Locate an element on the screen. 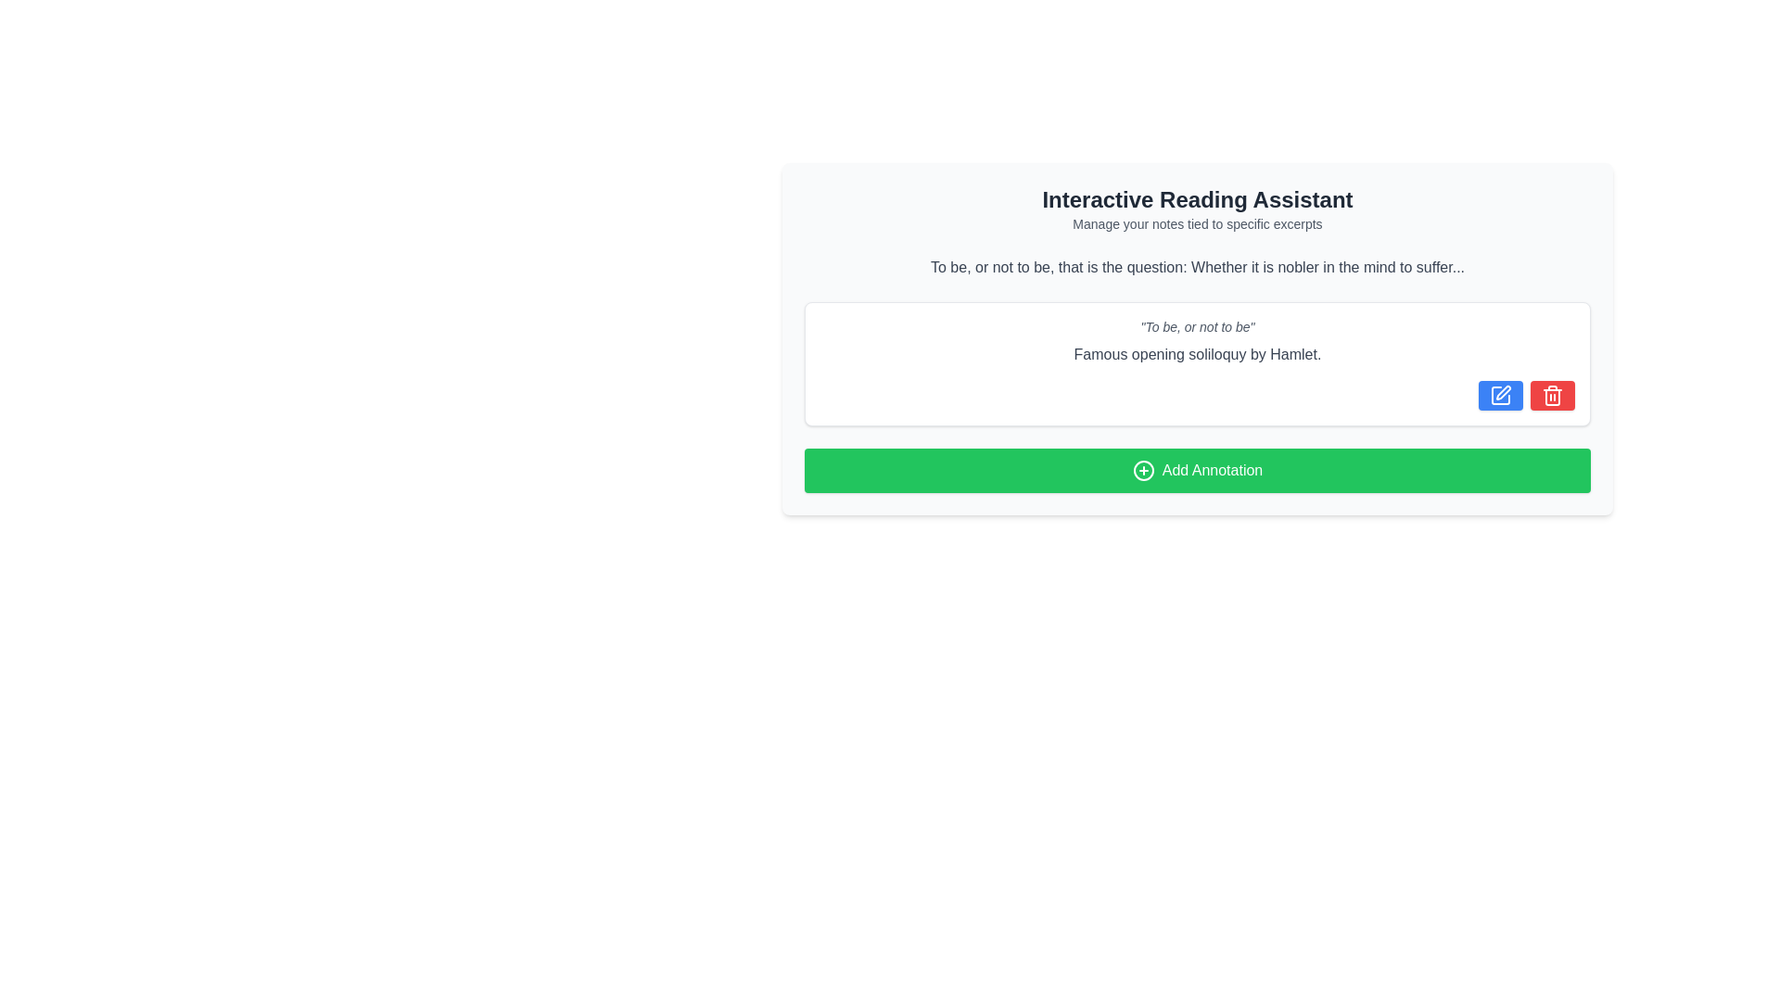 The height and width of the screenshot is (1001, 1780). the text line positioned below the title 'Interactive Reading Assistant' and above a quote block is located at coordinates (1197, 268).